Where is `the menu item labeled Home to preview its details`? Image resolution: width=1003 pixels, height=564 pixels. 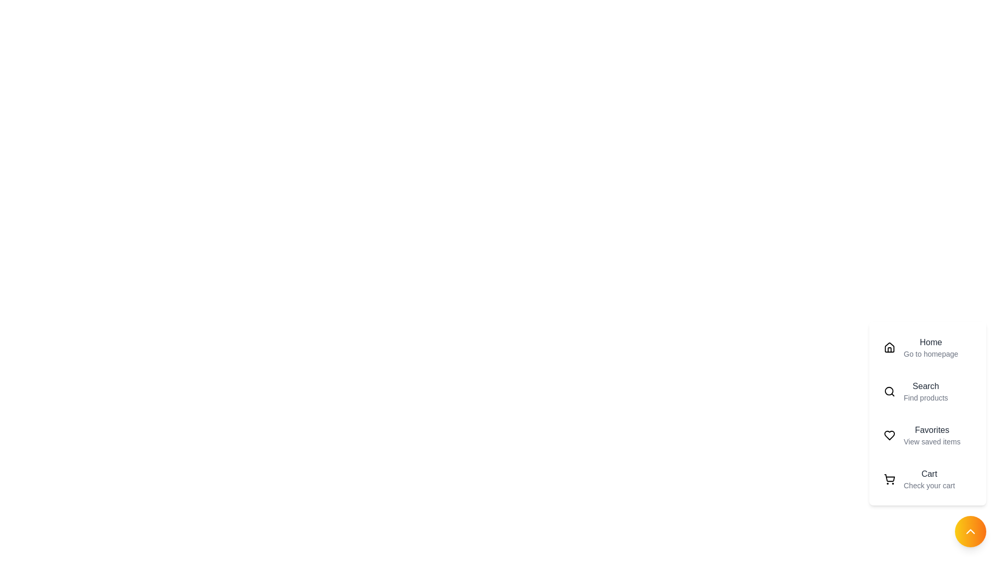
the menu item labeled Home to preview its details is located at coordinates (928, 348).